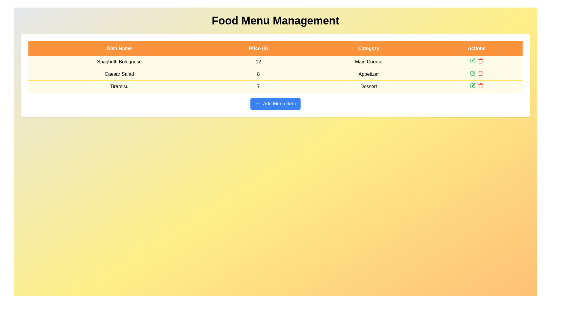 Image resolution: width=580 pixels, height=326 pixels. What do you see at coordinates (275, 86) in the screenshot?
I see `the third row of the food management table that details a menu item, located below 'Caesar Salad' and above the 'Add Menu Item' button` at bounding box center [275, 86].